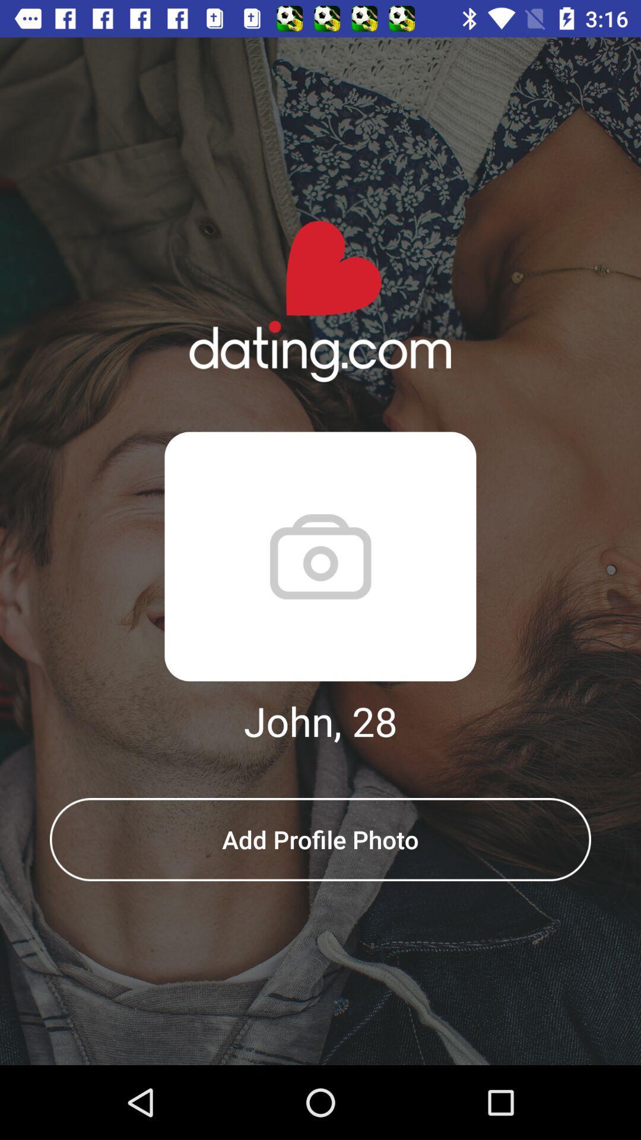 Image resolution: width=641 pixels, height=1140 pixels. Describe the element at coordinates (320, 556) in the screenshot. I see `camera` at that location.